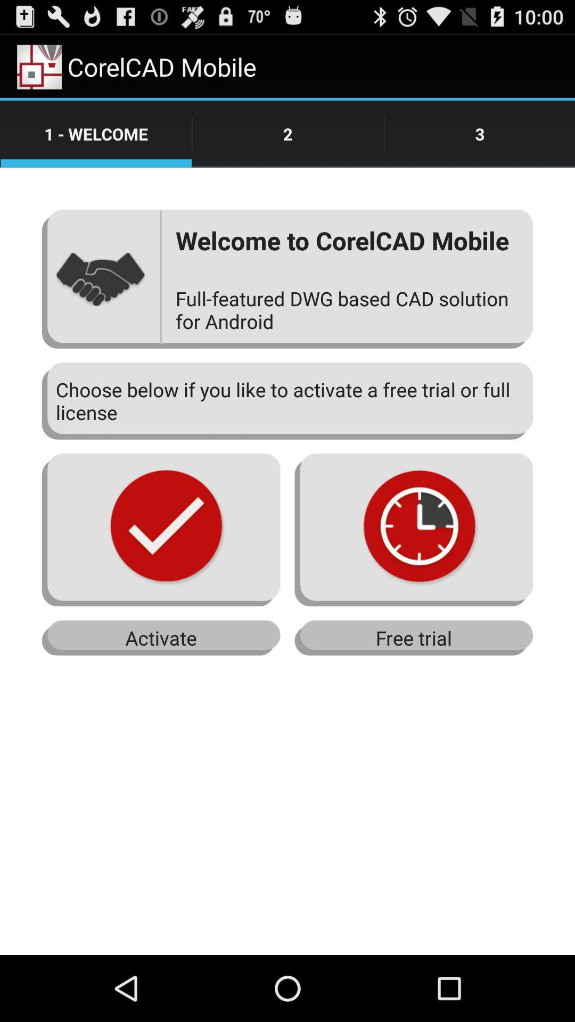 This screenshot has width=575, height=1022. What do you see at coordinates (161, 638) in the screenshot?
I see `the box that reads the text activate` at bounding box center [161, 638].